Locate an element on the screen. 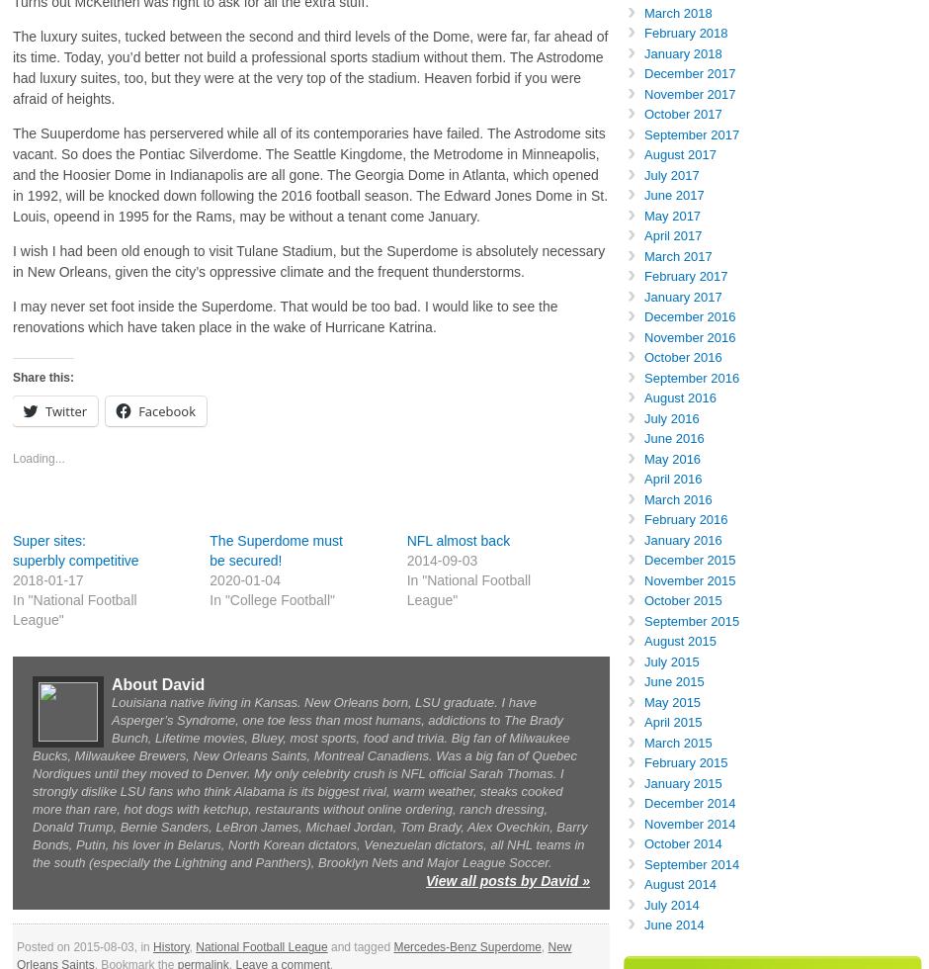 The width and height of the screenshot is (929, 969). 'December 2015' is located at coordinates (689, 560).